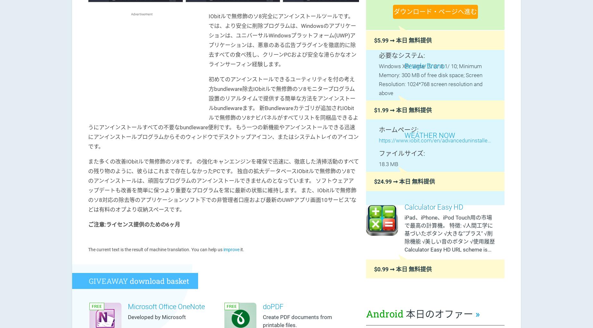 This screenshot has height=328, width=593. Describe the element at coordinates (386, 188) in the screenshot. I see `'$19.99'` at that location.